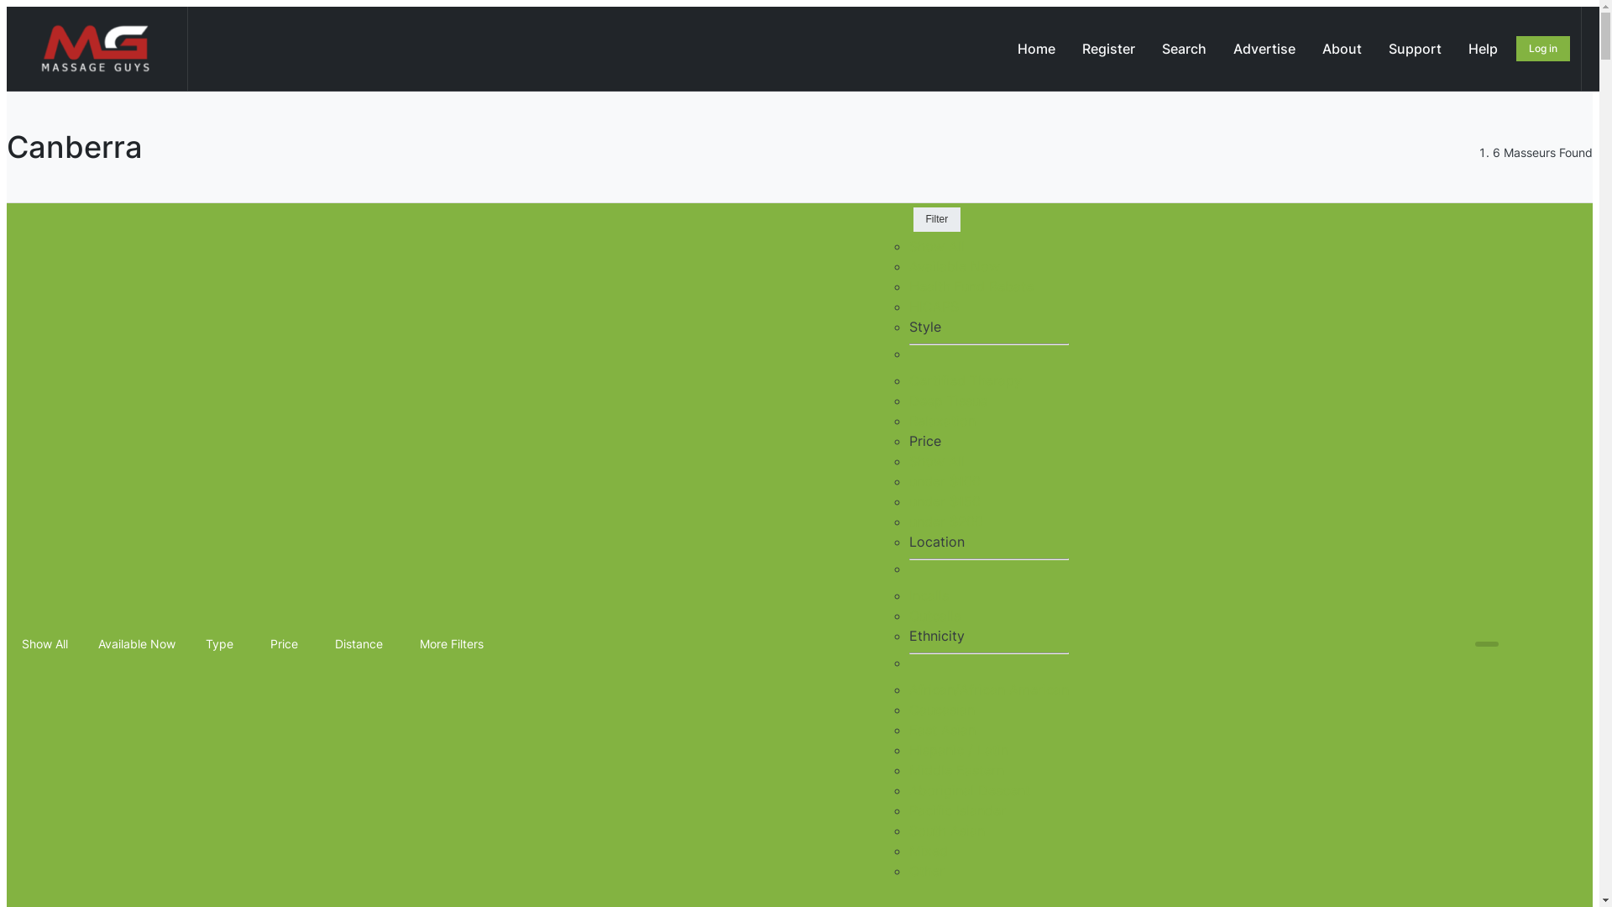 Image resolution: width=1612 pixels, height=907 pixels. I want to click on 'under $100', so click(944, 481).